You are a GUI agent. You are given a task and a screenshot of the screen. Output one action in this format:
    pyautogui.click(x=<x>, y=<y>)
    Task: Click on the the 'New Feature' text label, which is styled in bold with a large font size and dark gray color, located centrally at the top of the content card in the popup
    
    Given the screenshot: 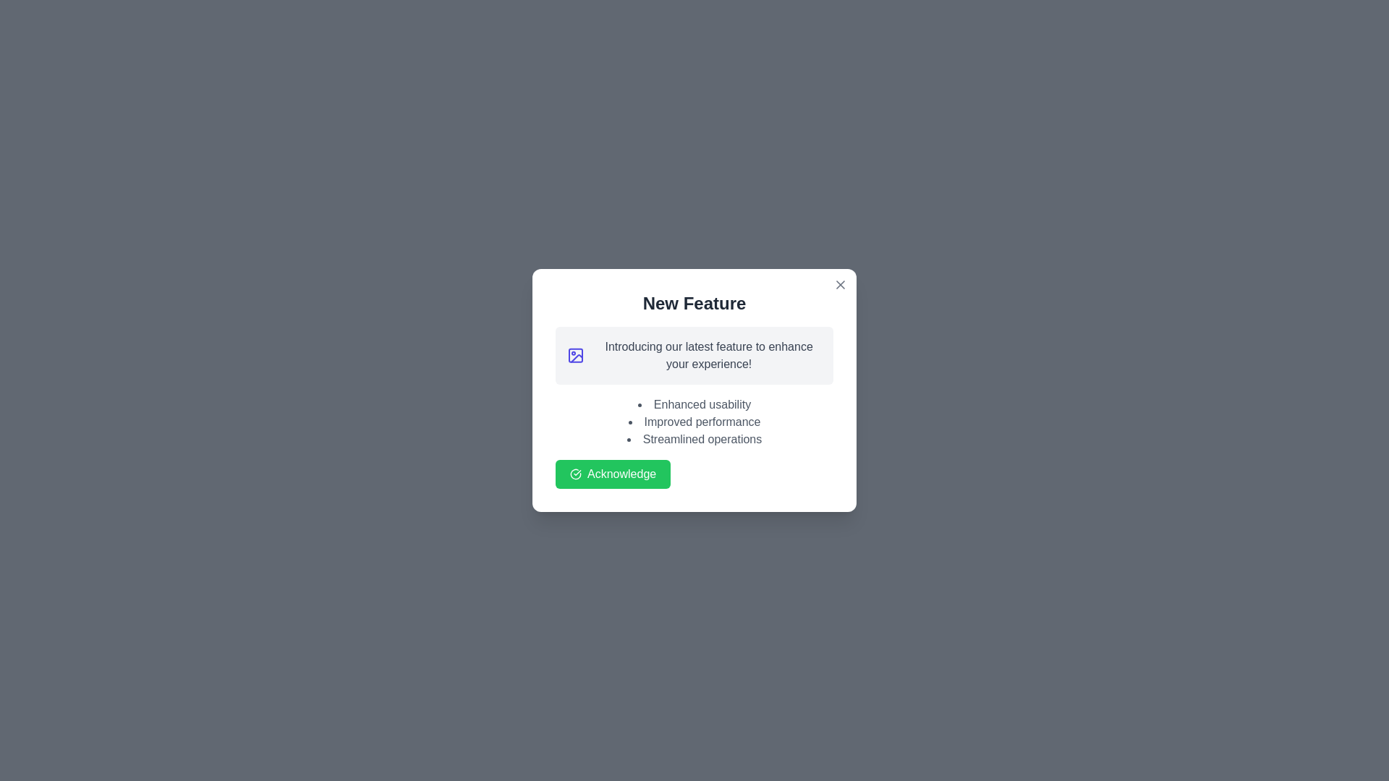 What is the action you would take?
    pyautogui.click(x=694, y=303)
    